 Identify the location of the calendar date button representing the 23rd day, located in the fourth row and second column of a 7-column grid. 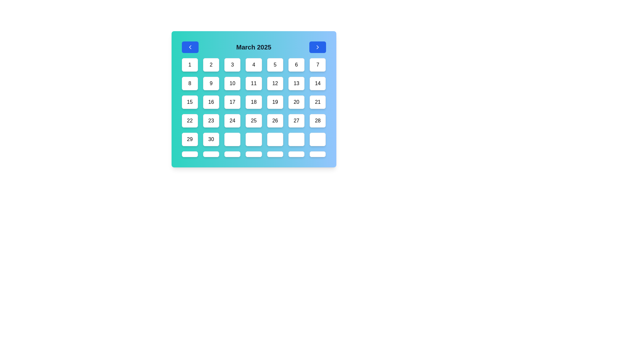
(211, 120).